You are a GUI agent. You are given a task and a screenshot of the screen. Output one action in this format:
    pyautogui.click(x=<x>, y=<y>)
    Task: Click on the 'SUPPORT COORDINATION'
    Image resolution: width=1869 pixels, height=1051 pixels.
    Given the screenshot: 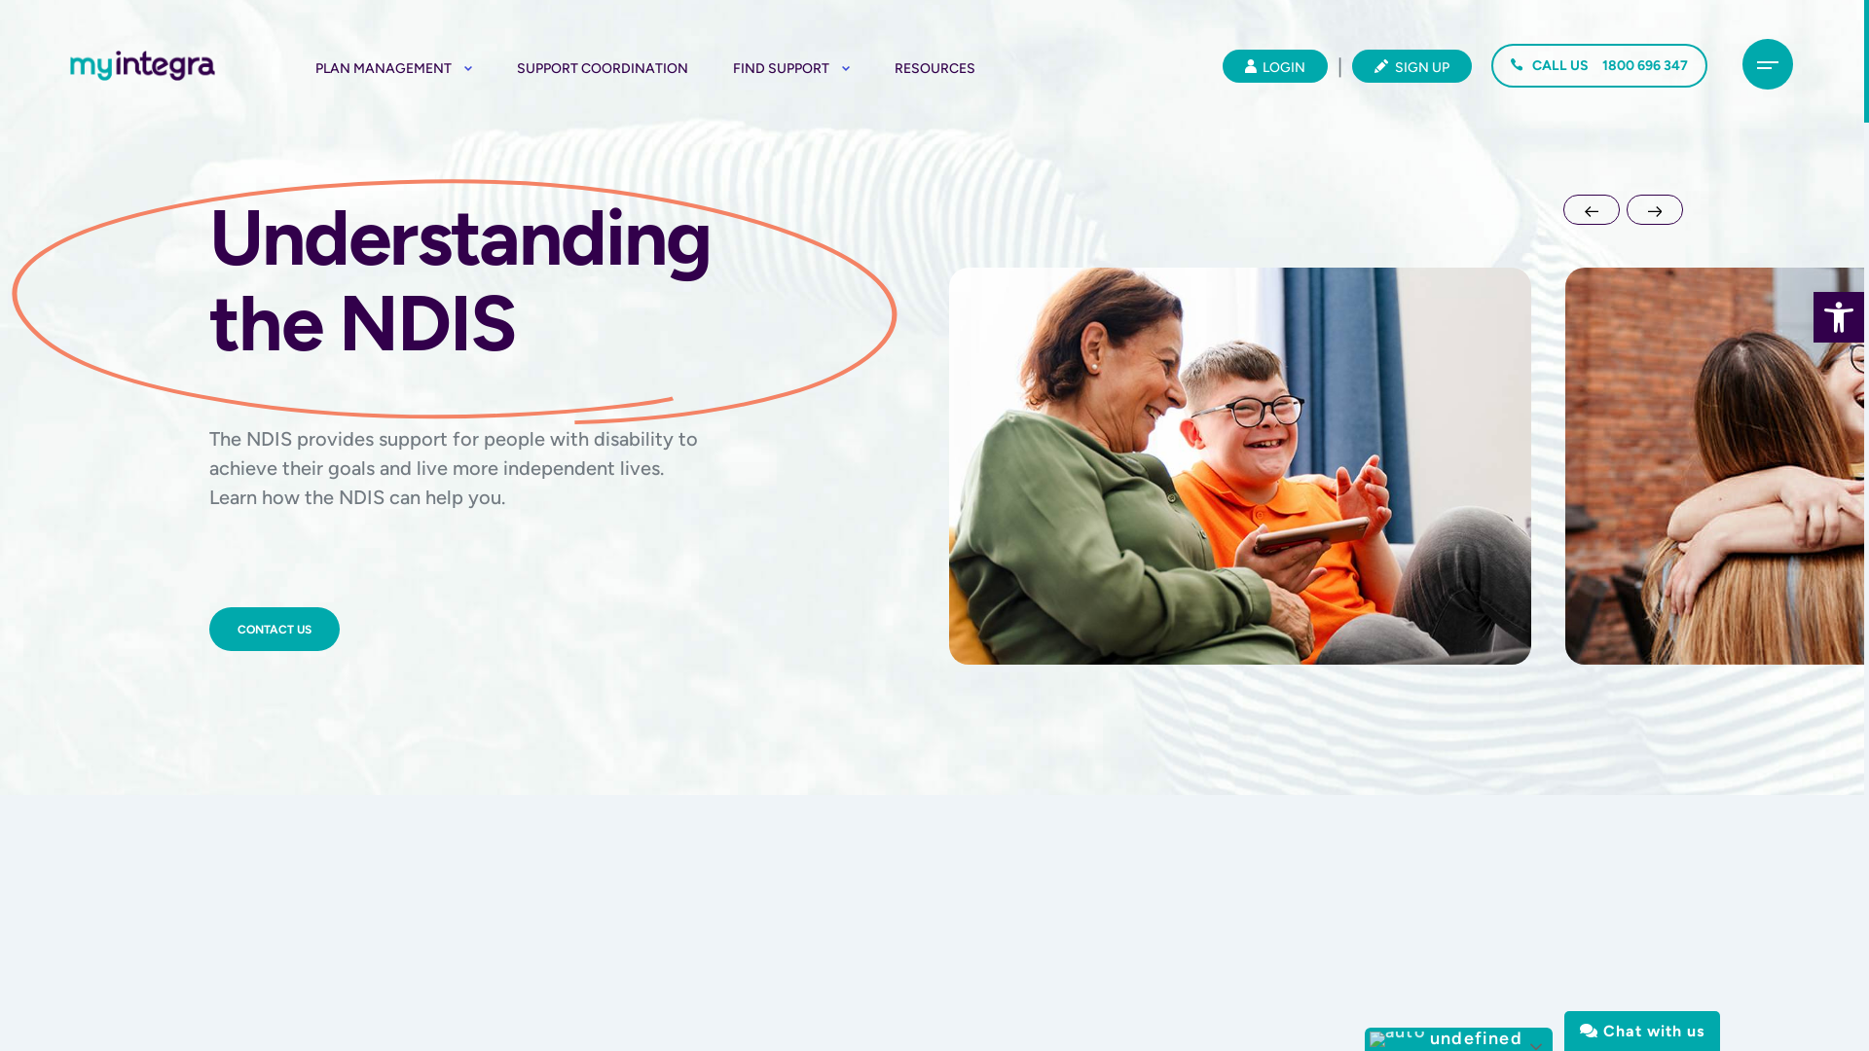 What is the action you would take?
    pyautogui.click(x=602, y=67)
    